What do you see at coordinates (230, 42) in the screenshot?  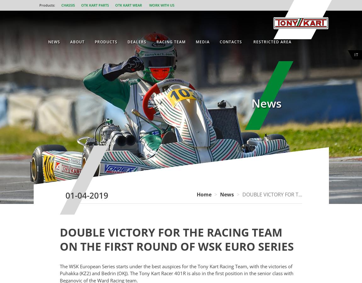 I see `'Contacts'` at bounding box center [230, 42].